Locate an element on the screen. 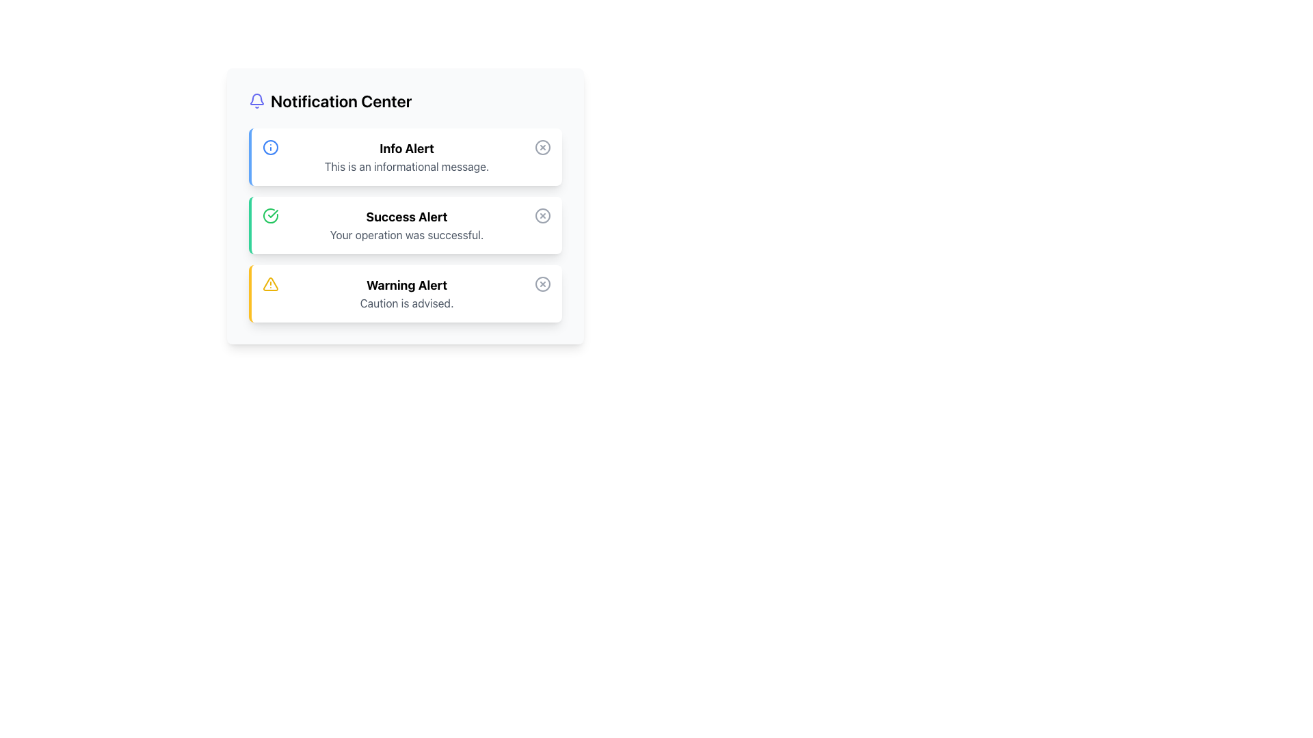  the triangular warning icon with a yellow border and exclamation mark, located to the left of the 'Warning Alert' notification row is located at coordinates (270, 284).